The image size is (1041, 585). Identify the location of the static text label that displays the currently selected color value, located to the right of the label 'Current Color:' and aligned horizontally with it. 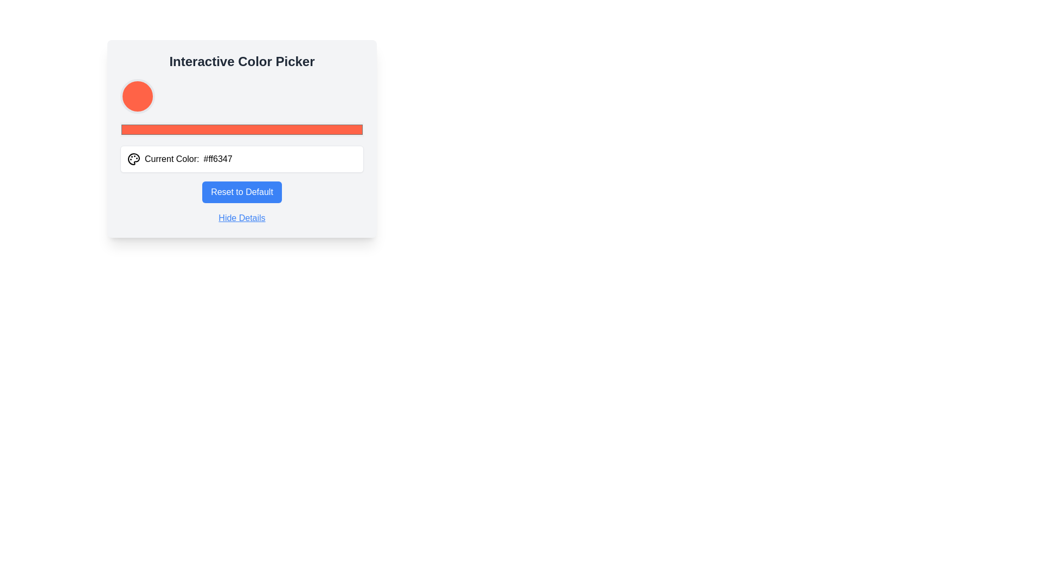
(217, 159).